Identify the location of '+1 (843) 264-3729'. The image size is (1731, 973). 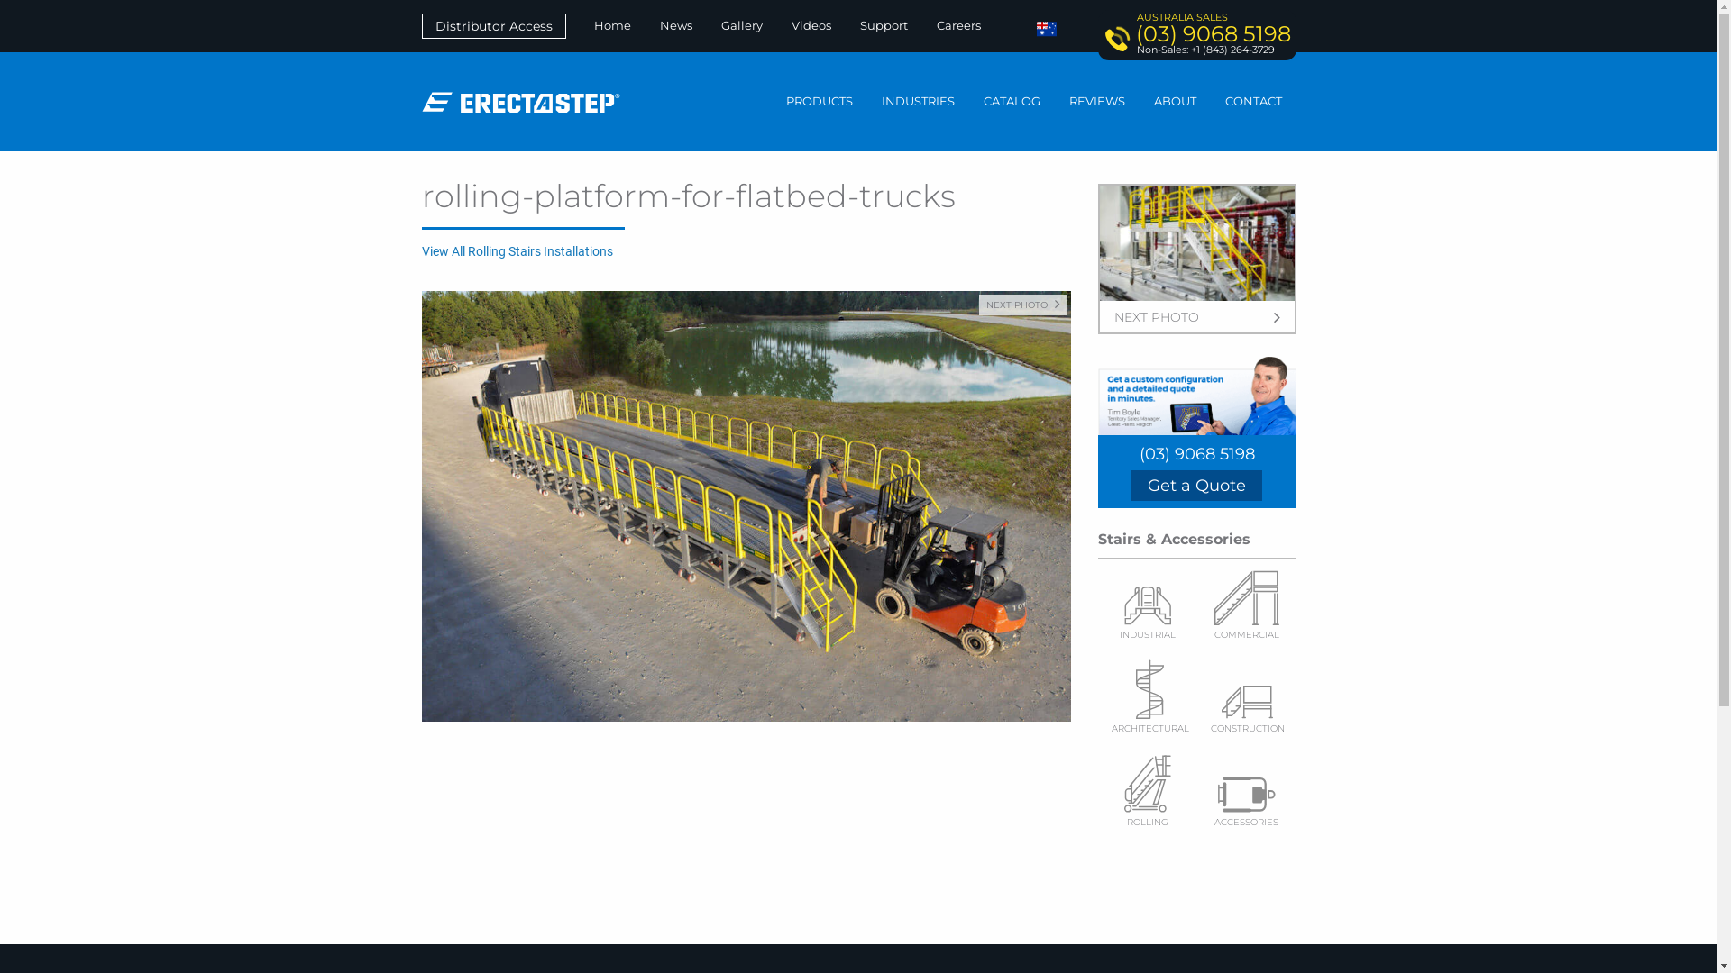
(1231, 48).